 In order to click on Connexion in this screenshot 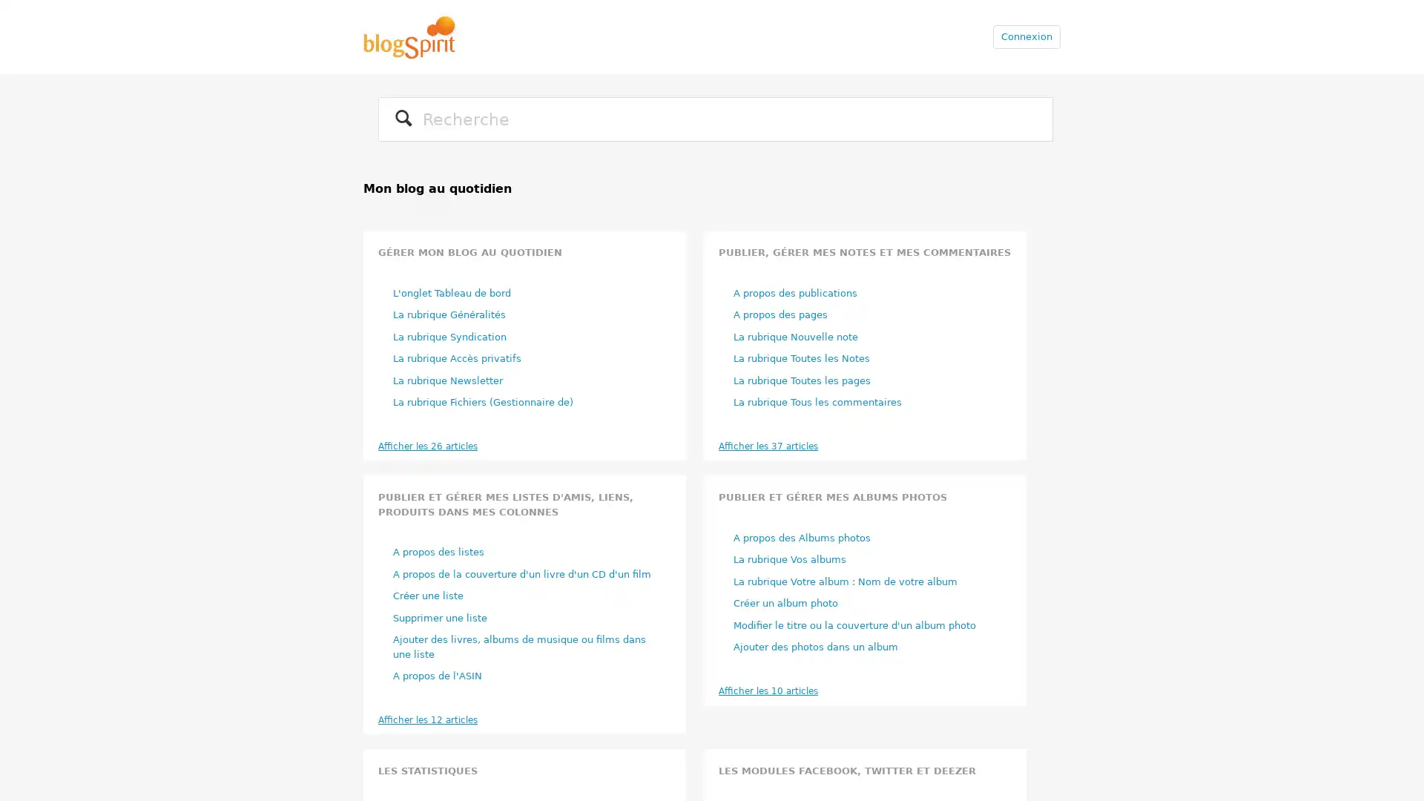, I will do `click(1026, 36)`.